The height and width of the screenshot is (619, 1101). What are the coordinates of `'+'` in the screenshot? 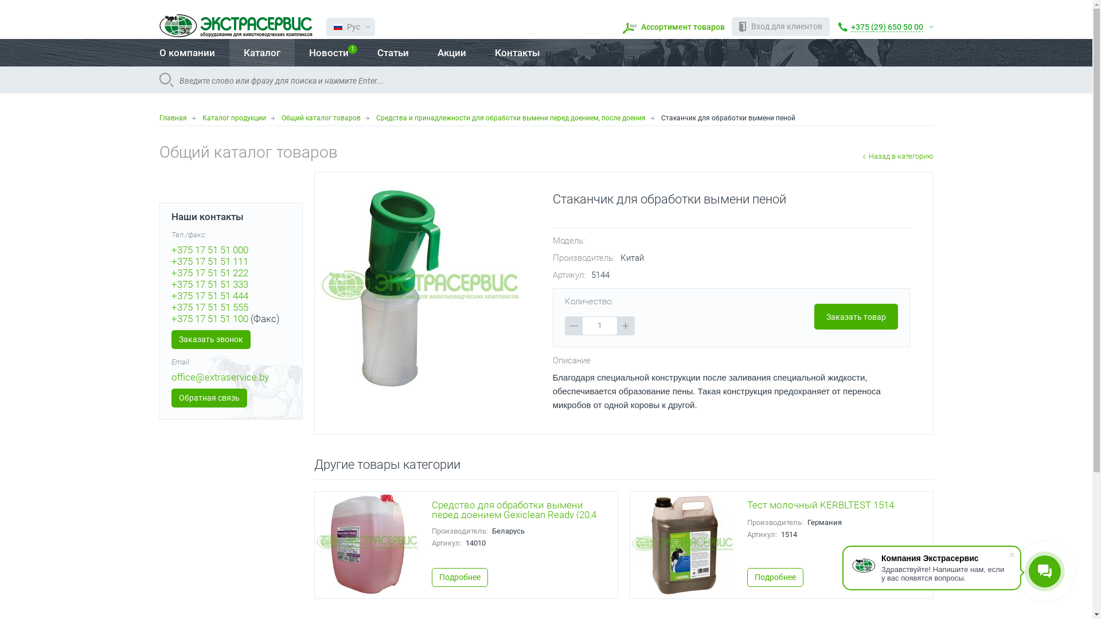 It's located at (625, 326).